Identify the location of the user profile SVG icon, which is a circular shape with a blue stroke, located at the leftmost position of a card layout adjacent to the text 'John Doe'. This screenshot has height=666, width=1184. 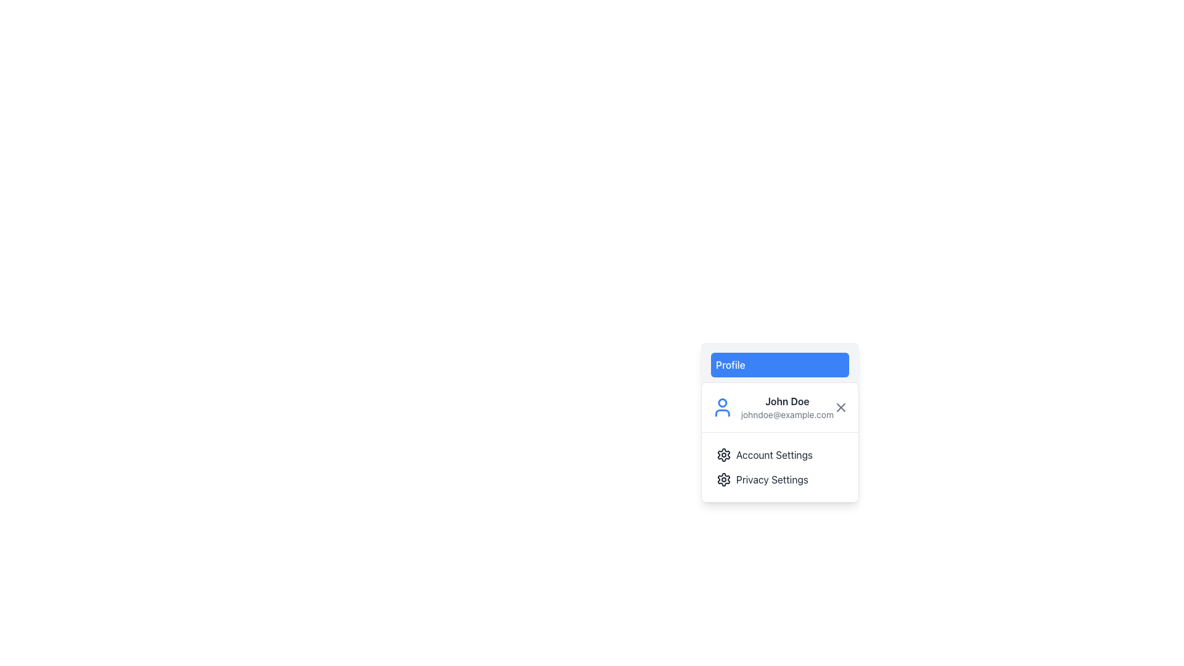
(722, 407).